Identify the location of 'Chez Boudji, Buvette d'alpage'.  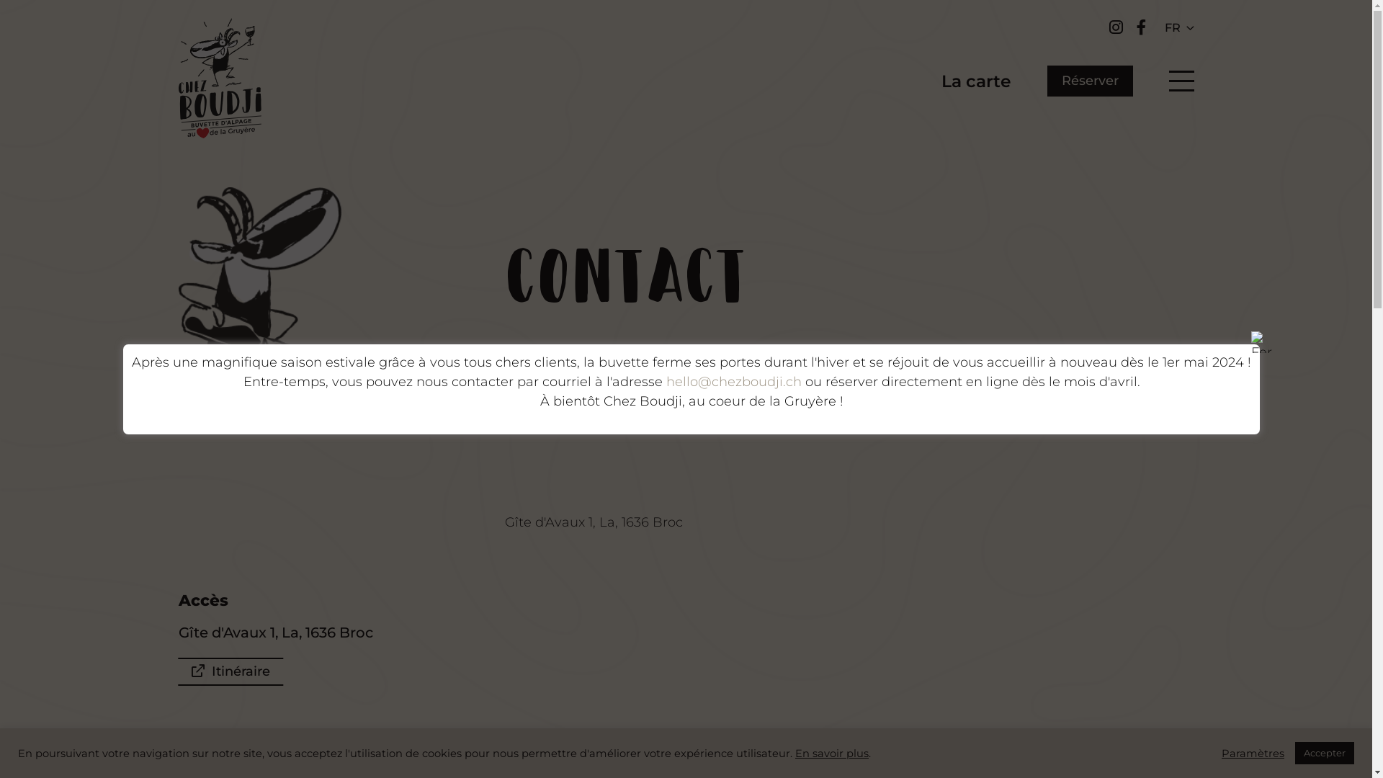
(219, 81).